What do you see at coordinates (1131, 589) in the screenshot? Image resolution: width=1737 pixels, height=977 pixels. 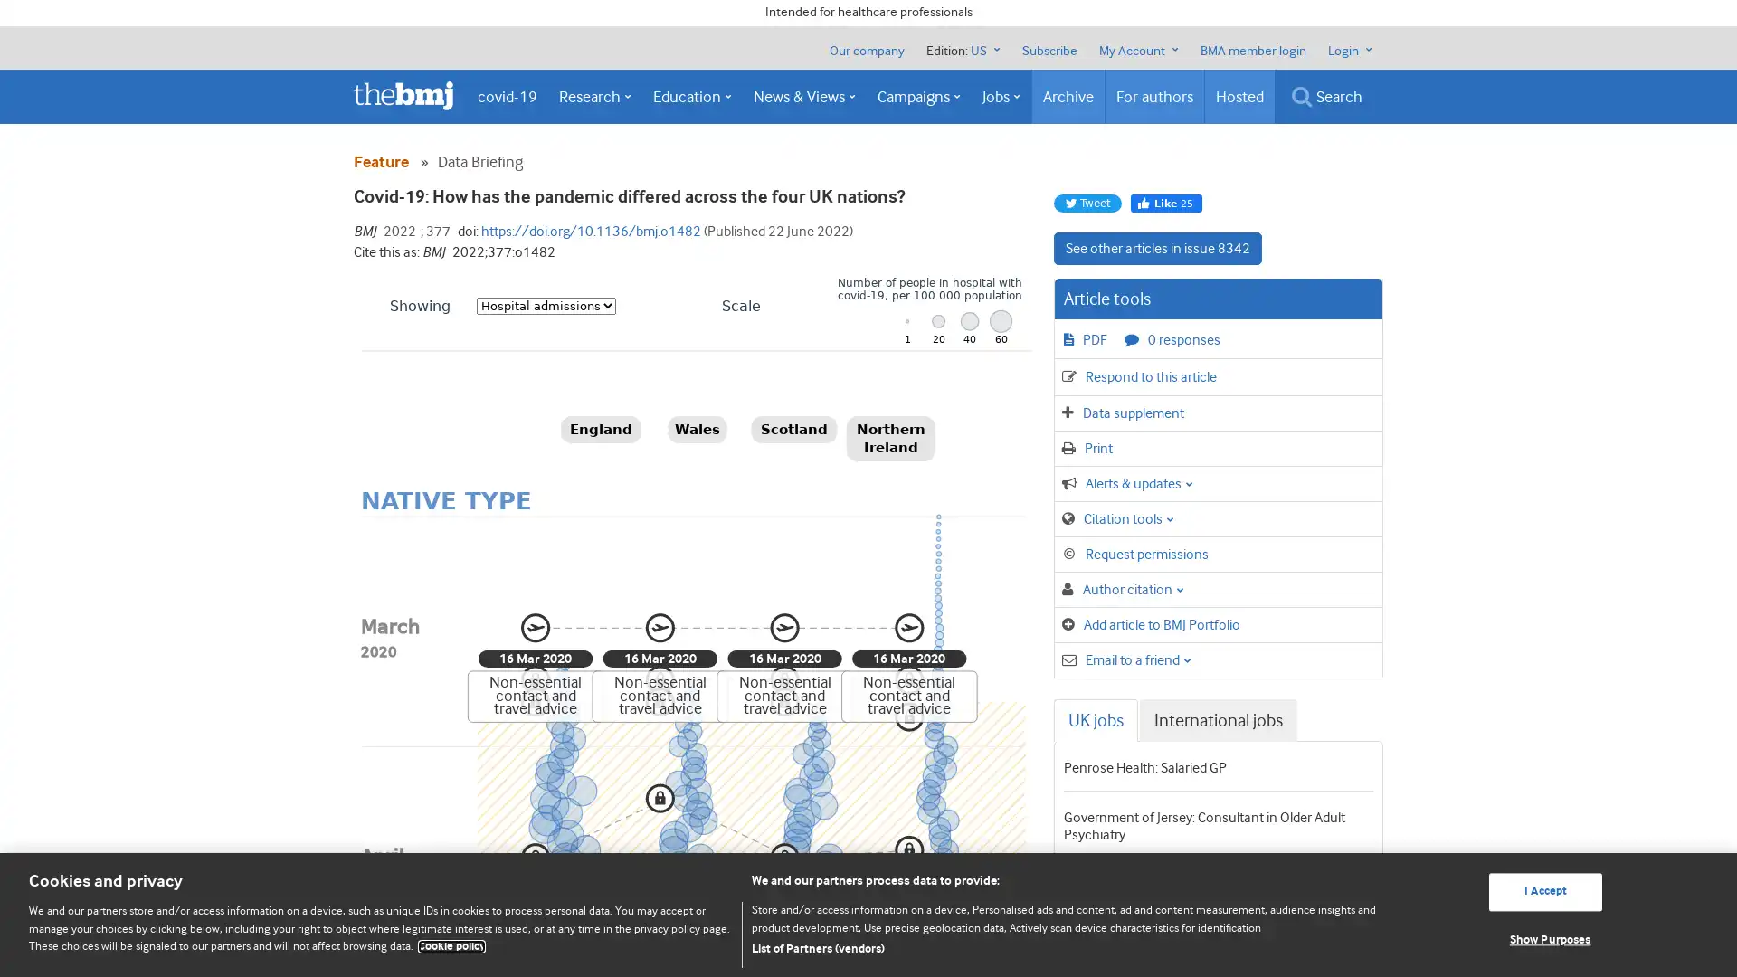 I see `Author citation` at bounding box center [1131, 589].